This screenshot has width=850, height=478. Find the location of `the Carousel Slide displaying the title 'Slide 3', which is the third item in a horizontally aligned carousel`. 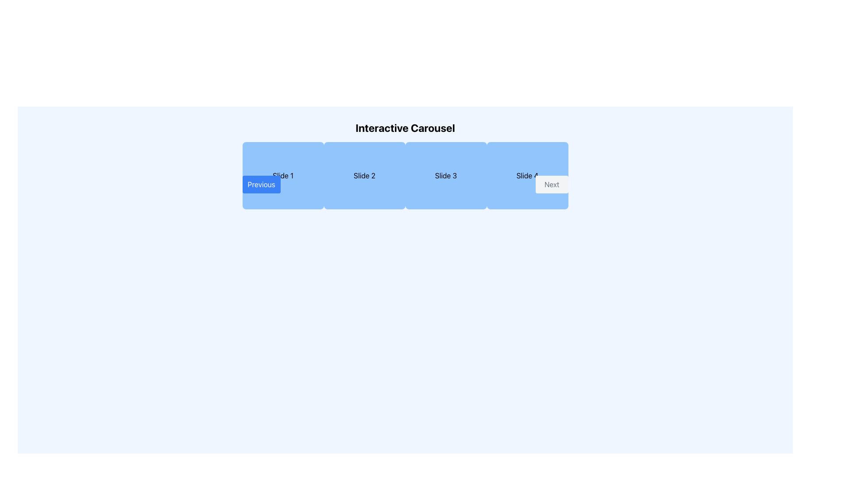

the Carousel Slide displaying the title 'Slide 3', which is the third item in a horizontally aligned carousel is located at coordinates (446, 176).